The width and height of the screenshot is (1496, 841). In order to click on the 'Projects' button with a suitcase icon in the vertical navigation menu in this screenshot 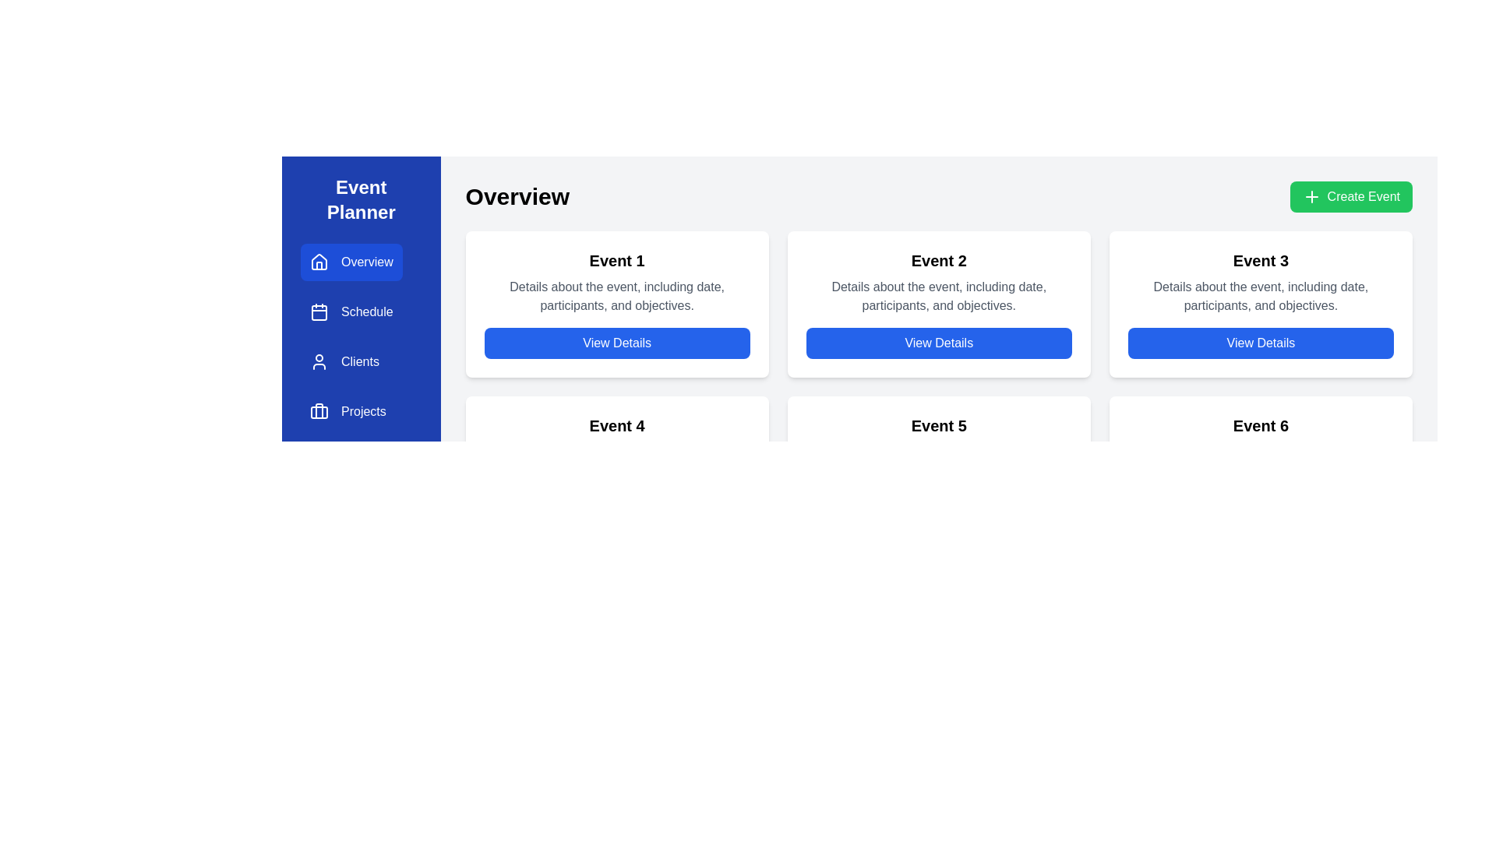, I will do `click(351, 410)`.